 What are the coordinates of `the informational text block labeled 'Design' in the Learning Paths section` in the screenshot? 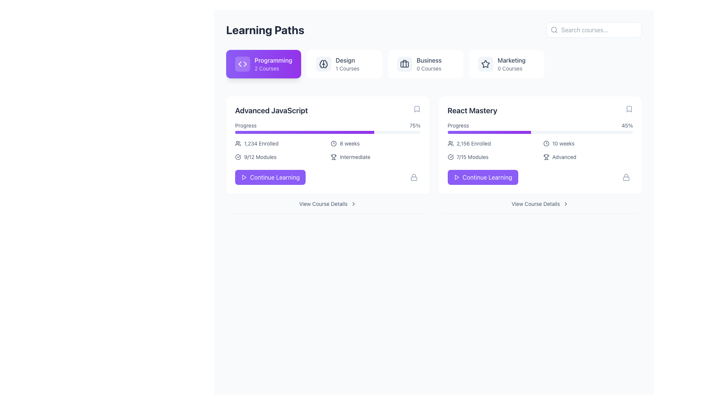 It's located at (347, 63).